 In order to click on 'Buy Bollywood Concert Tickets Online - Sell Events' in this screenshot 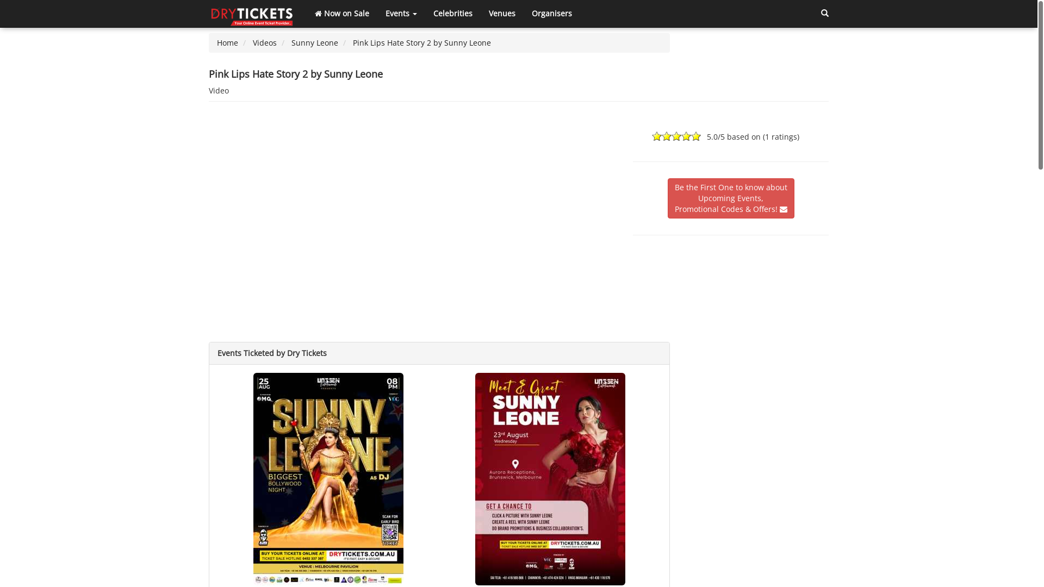, I will do `click(253, 13)`.